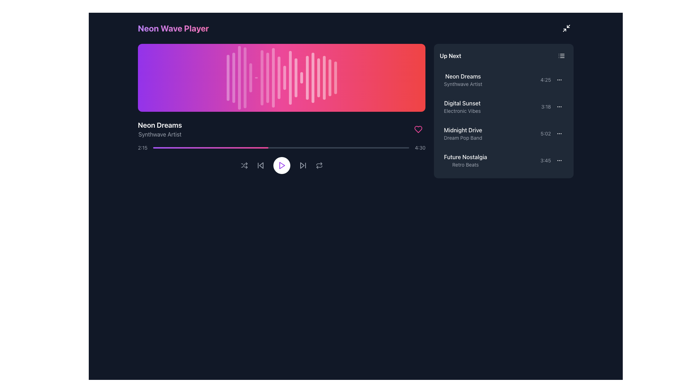 The image size is (679, 382). What do you see at coordinates (552, 80) in the screenshot?
I see `the text label displaying the time '4:25' in light gray font, located next to the options menu on the right side of the 'Neon Dreams' list item in the 'Up Next' section` at bounding box center [552, 80].